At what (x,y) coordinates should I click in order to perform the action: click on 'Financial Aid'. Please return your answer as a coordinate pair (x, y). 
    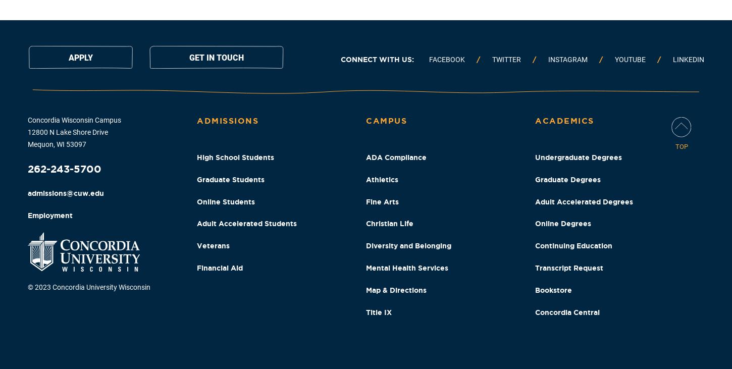
    Looking at the image, I should click on (219, 267).